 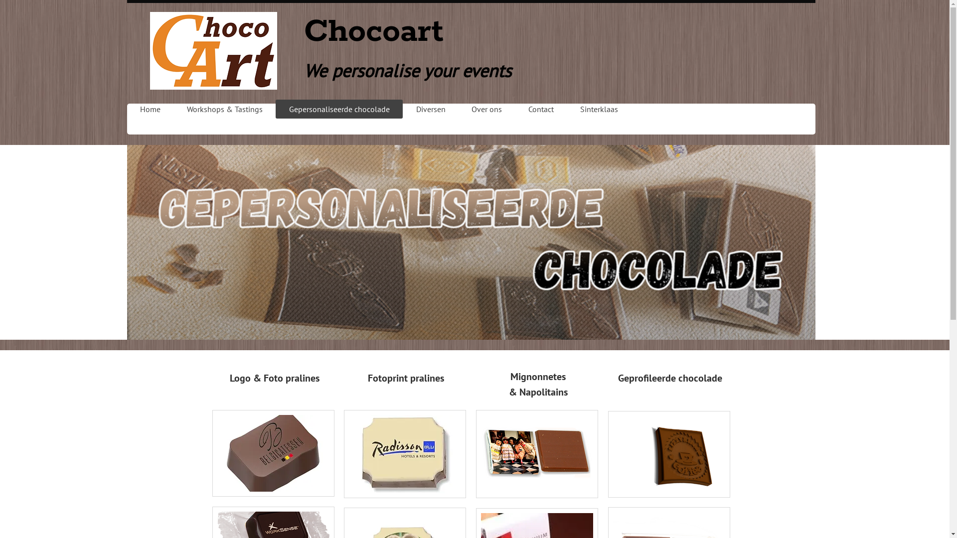 What do you see at coordinates (275, 109) in the screenshot?
I see `'Gepersonaliseerde chocolade'` at bounding box center [275, 109].